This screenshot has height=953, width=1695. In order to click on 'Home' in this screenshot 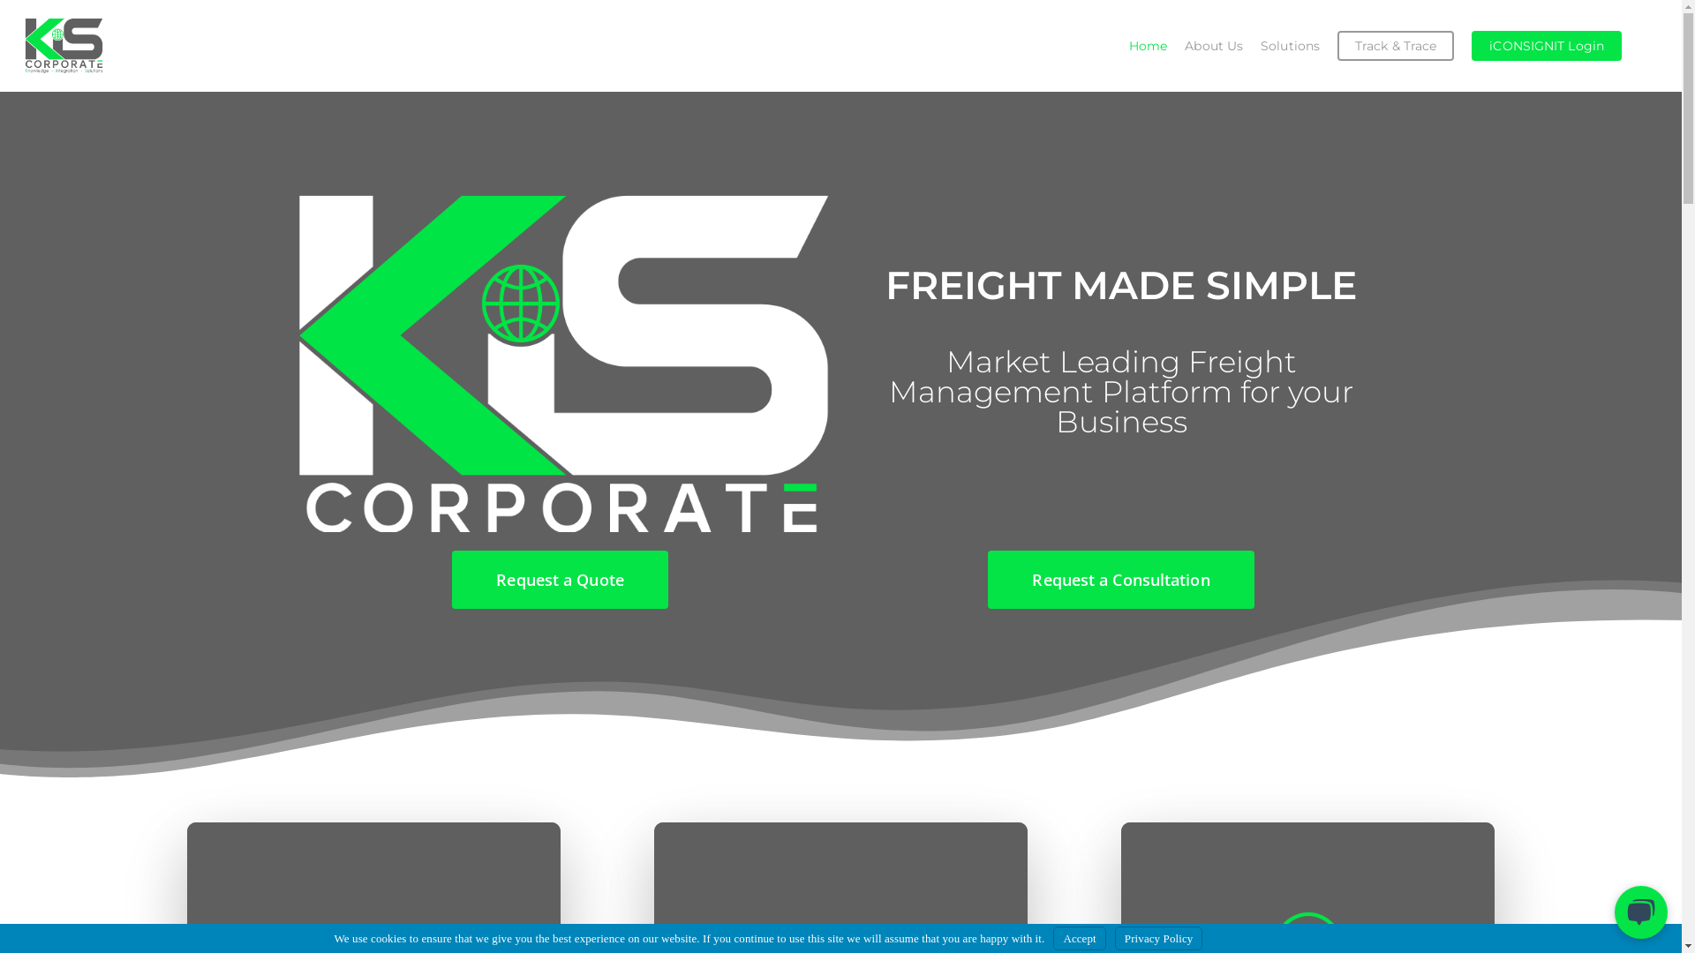, I will do `click(1119, 44)`.